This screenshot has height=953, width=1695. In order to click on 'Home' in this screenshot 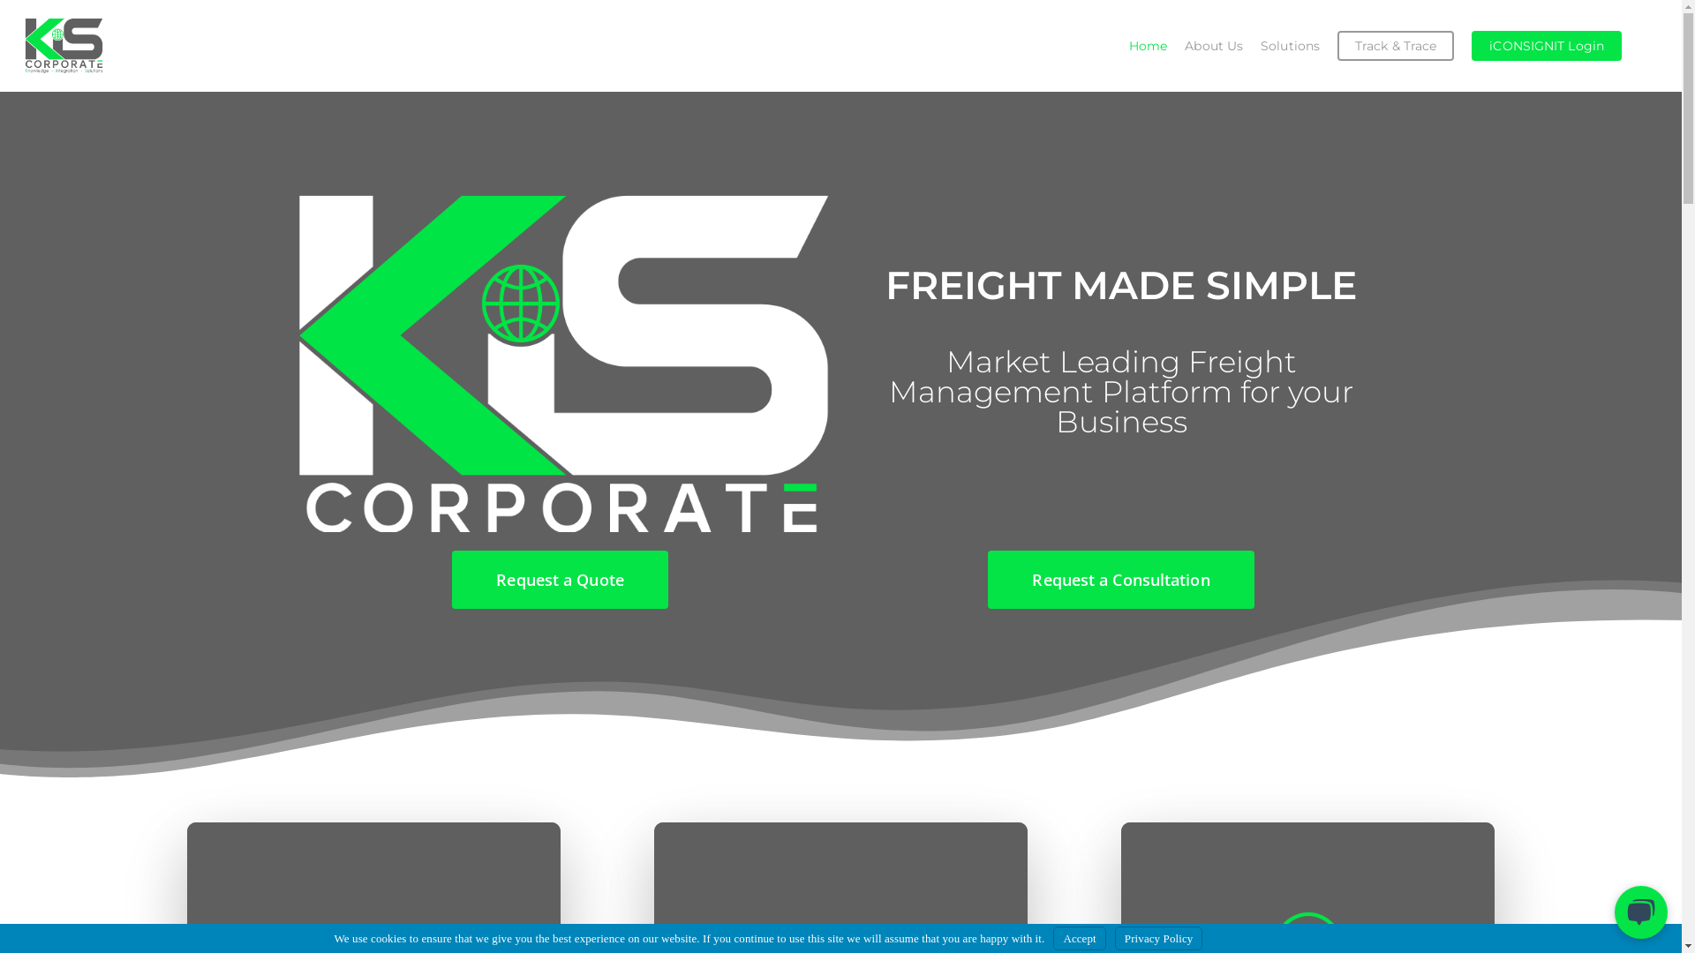, I will do `click(1119, 44)`.